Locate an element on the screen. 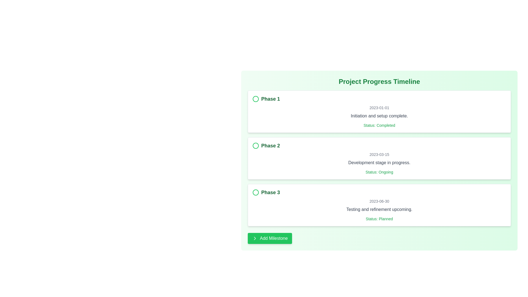 The image size is (528, 297). the text label displaying 'Initiation and setup complete.' which is styled with 'text-gray-700' and positioned within the first progress card is located at coordinates (379, 116).